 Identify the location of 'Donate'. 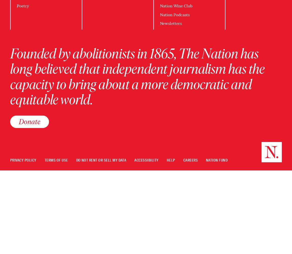
(29, 121).